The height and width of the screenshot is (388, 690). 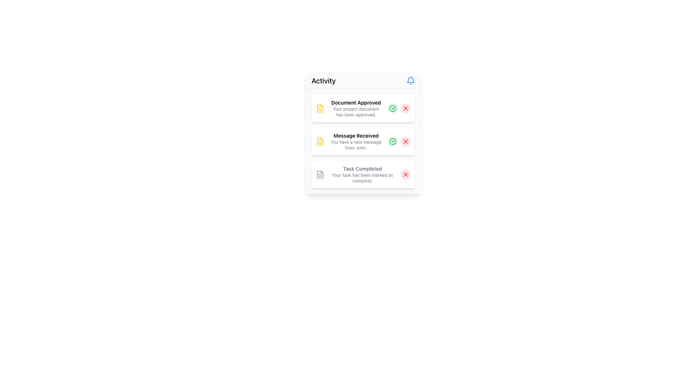 What do you see at coordinates (356, 108) in the screenshot?
I see `the first notification item in the notification panel under the heading 'Activity'` at bounding box center [356, 108].